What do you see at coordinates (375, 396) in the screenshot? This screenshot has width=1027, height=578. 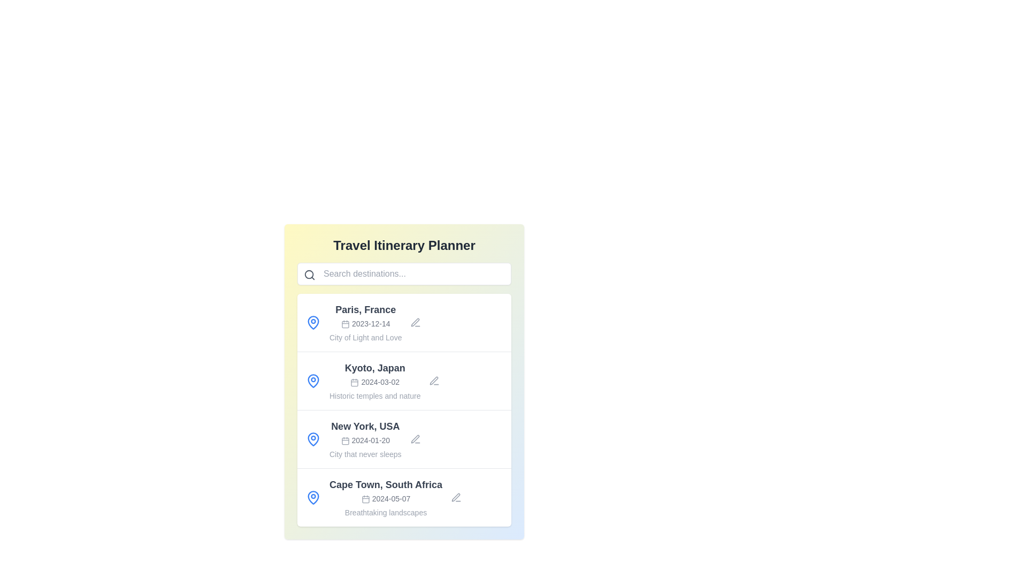 I see `the Static Label displaying 'Historic temples and nature', which is styled in light gray color and positioned below the calendar icon in the 'Kyoto, Japan' item` at bounding box center [375, 396].